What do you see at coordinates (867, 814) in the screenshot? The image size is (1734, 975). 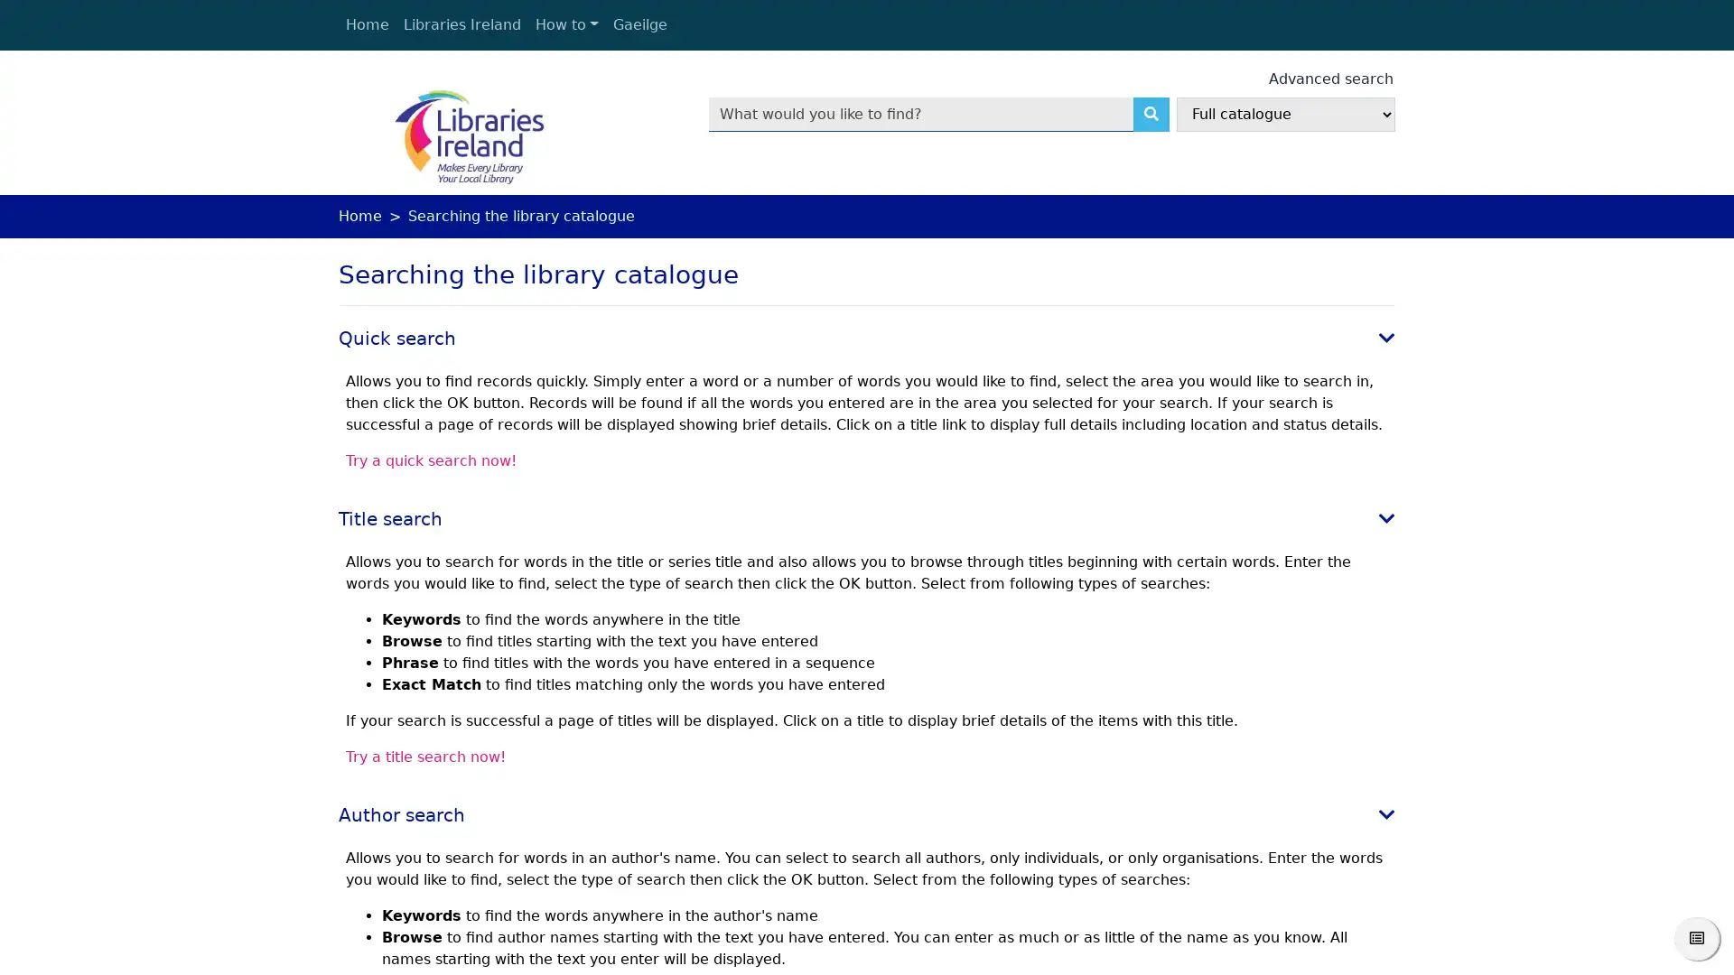 I see `Author search` at bounding box center [867, 814].